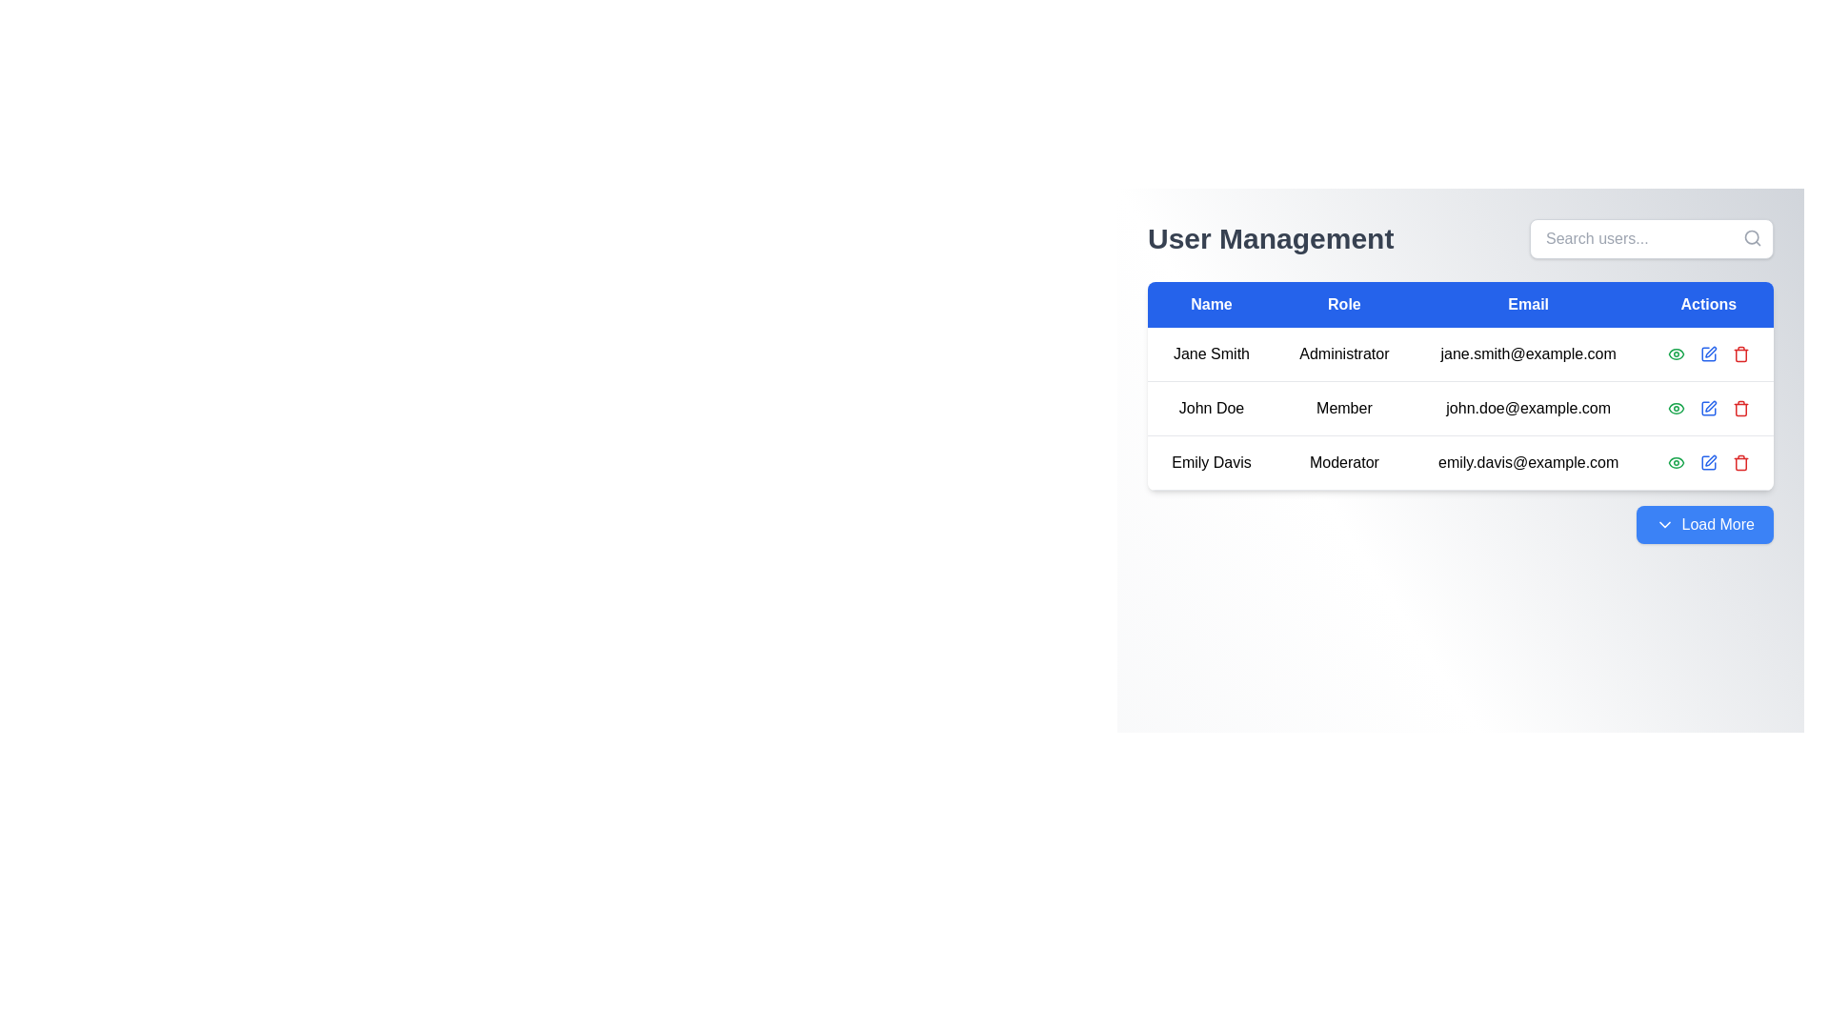 Image resolution: width=1829 pixels, height=1029 pixels. Describe the element at coordinates (1740, 464) in the screenshot. I see `the center portion of the trash bin icon representing the 'delete' action in the user management interface, located in the rightmost position of the third row in the table, when navigated via keyboard` at that location.